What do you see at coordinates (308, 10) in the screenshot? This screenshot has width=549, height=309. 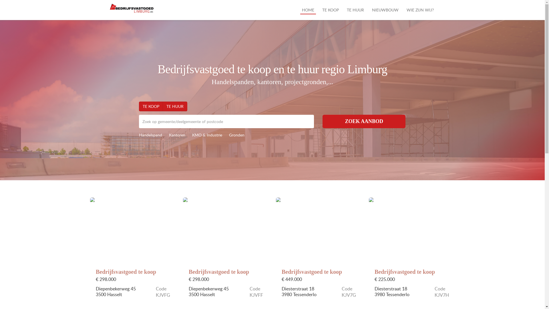 I see `'HOME'` at bounding box center [308, 10].